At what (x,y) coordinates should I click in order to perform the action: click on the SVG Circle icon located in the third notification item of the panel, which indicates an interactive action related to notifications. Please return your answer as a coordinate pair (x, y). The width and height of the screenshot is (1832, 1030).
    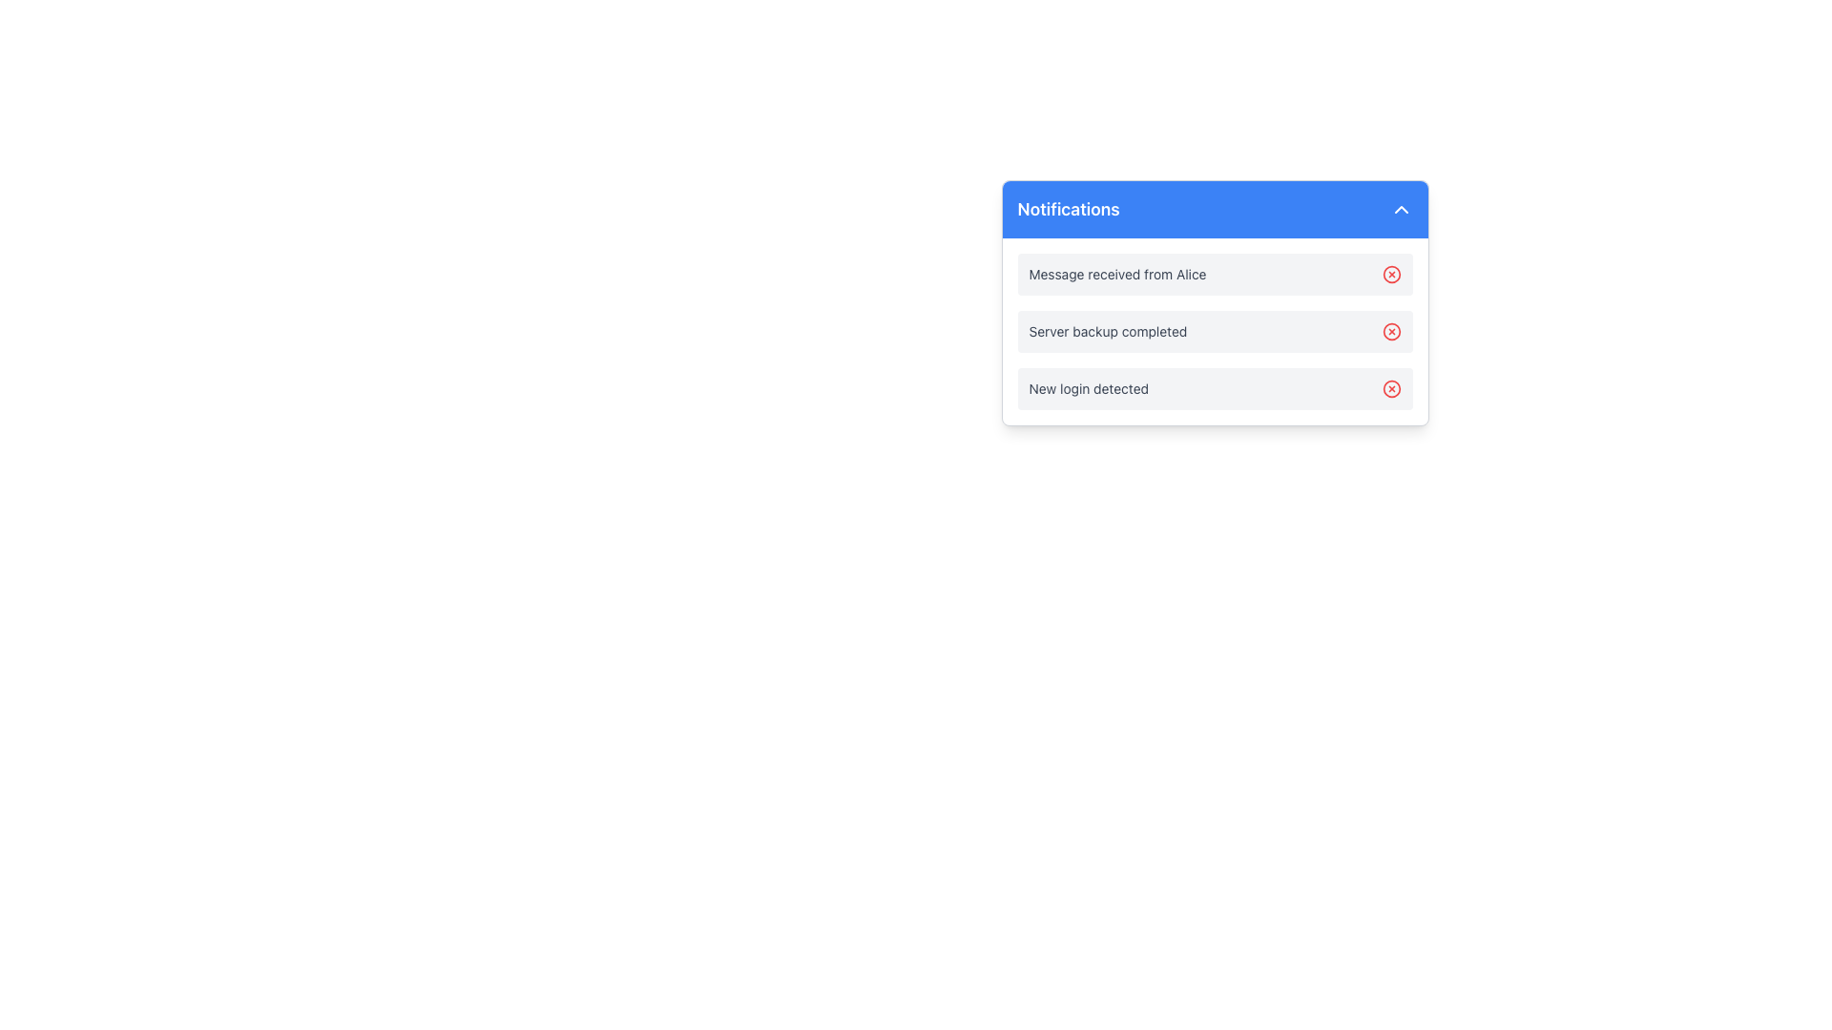
    Looking at the image, I should click on (1391, 388).